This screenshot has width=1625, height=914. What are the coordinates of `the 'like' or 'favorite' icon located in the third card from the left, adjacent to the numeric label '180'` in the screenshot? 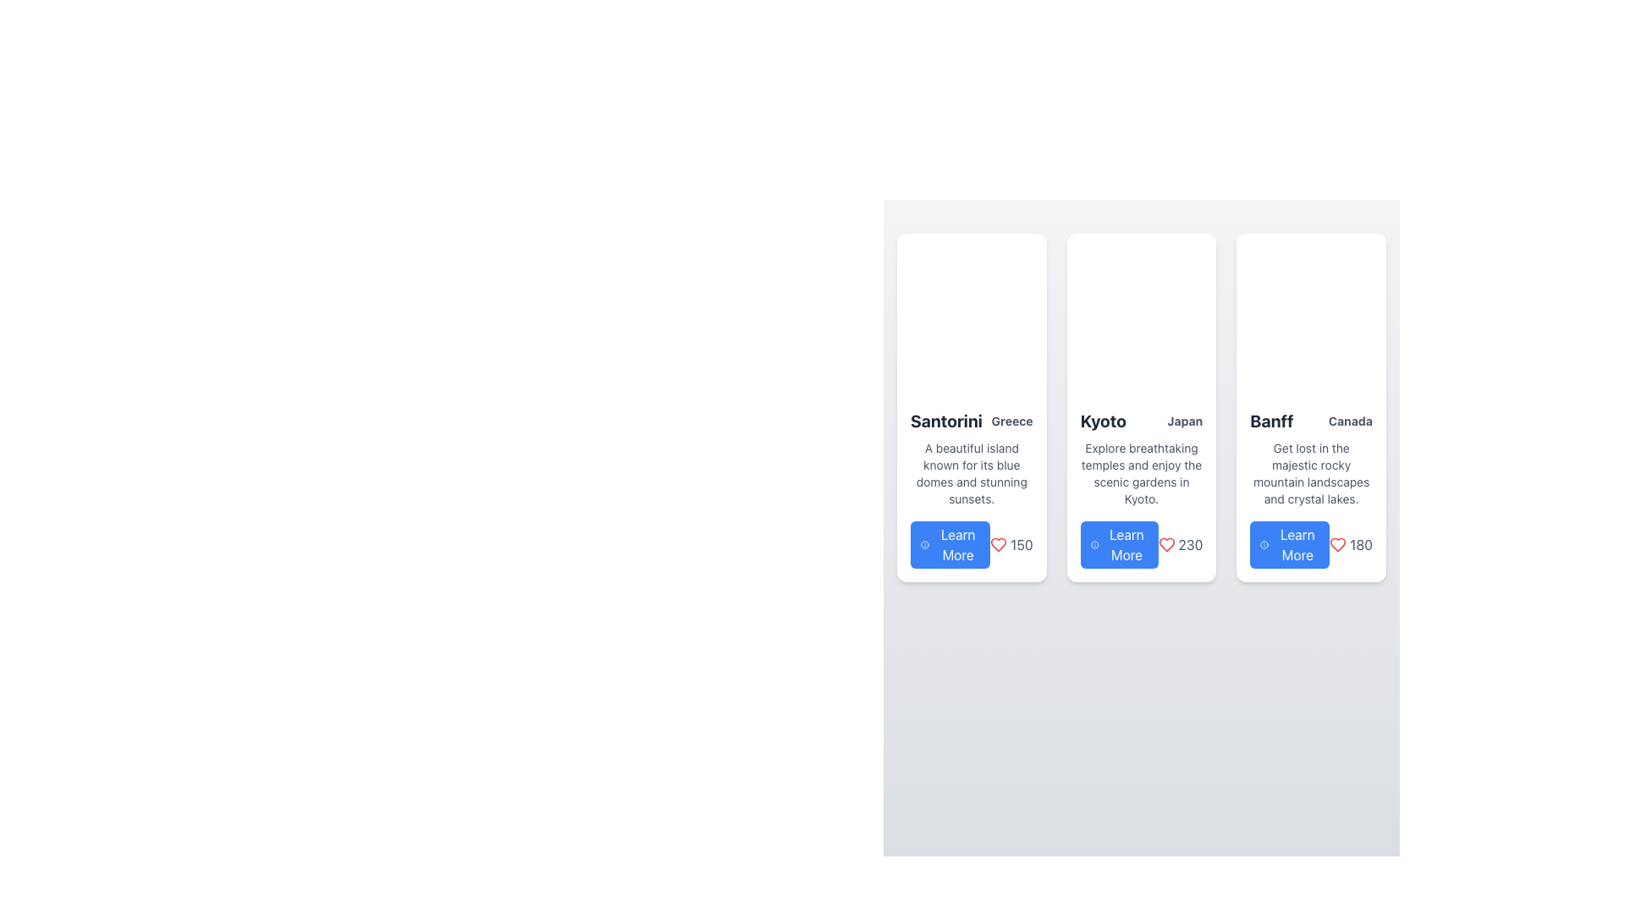 It's located at (1337, 545).